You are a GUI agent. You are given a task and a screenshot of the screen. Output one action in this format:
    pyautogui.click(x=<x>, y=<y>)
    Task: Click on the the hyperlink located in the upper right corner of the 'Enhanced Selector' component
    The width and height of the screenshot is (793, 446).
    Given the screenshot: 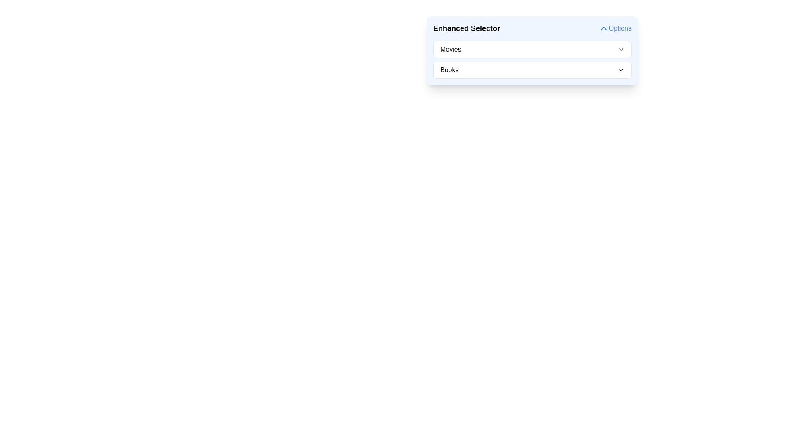 What is the action you would take?
    pyautogui.click(x=615, y=28)
    